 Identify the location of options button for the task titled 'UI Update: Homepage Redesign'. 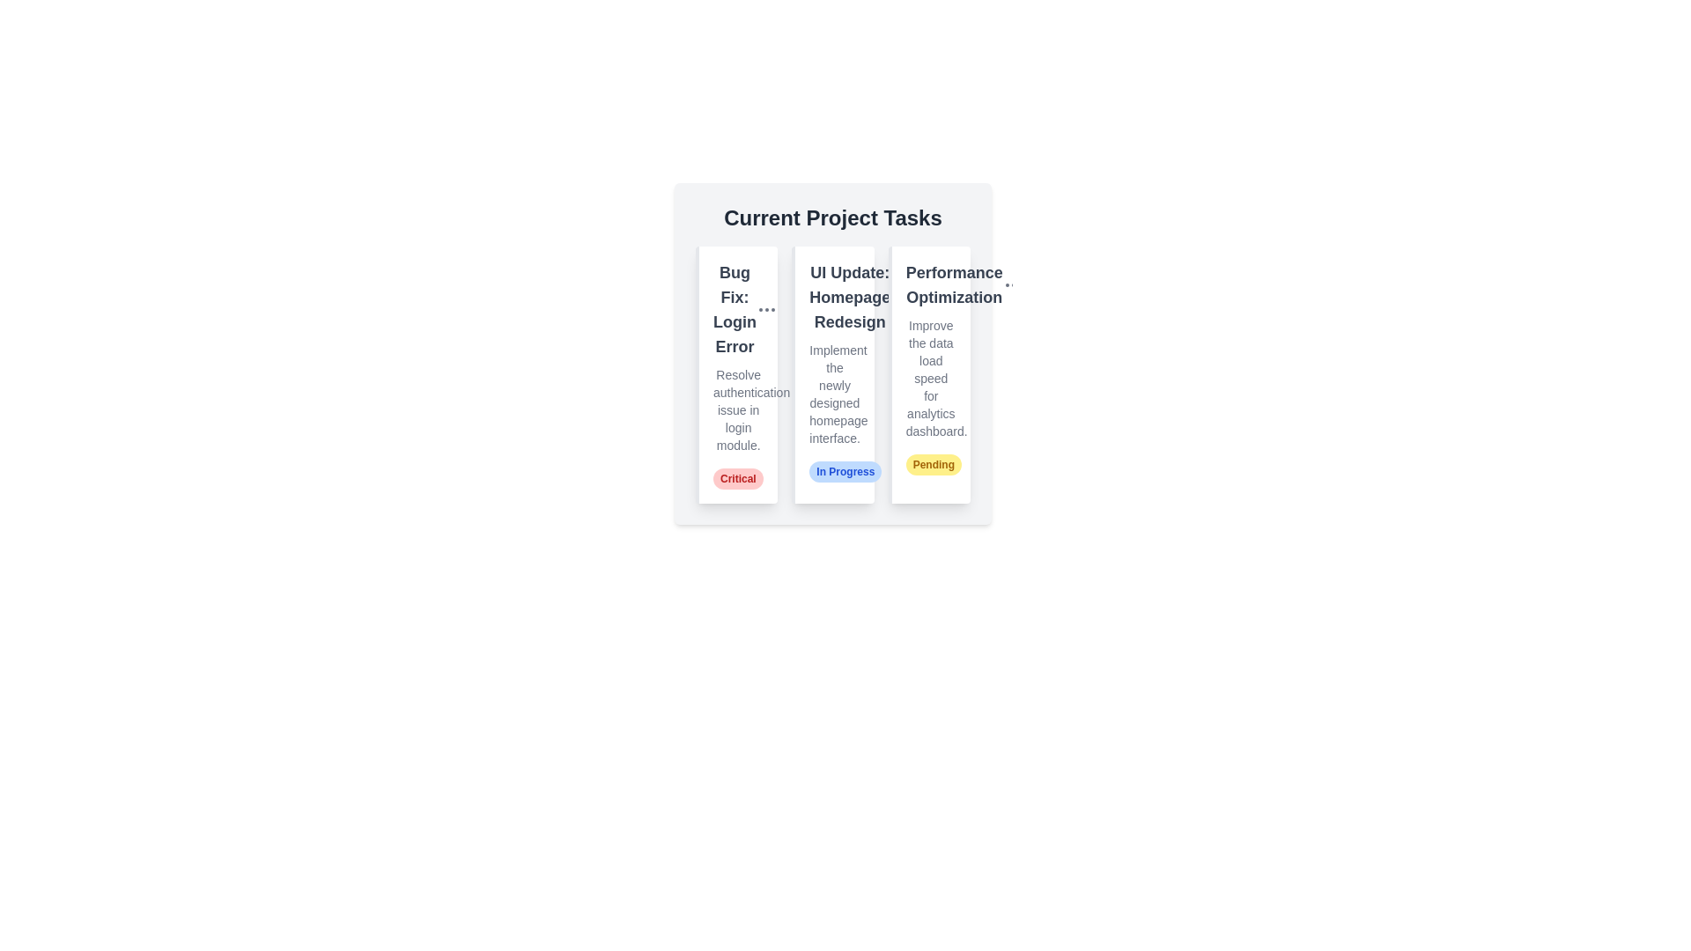
(901, 297).